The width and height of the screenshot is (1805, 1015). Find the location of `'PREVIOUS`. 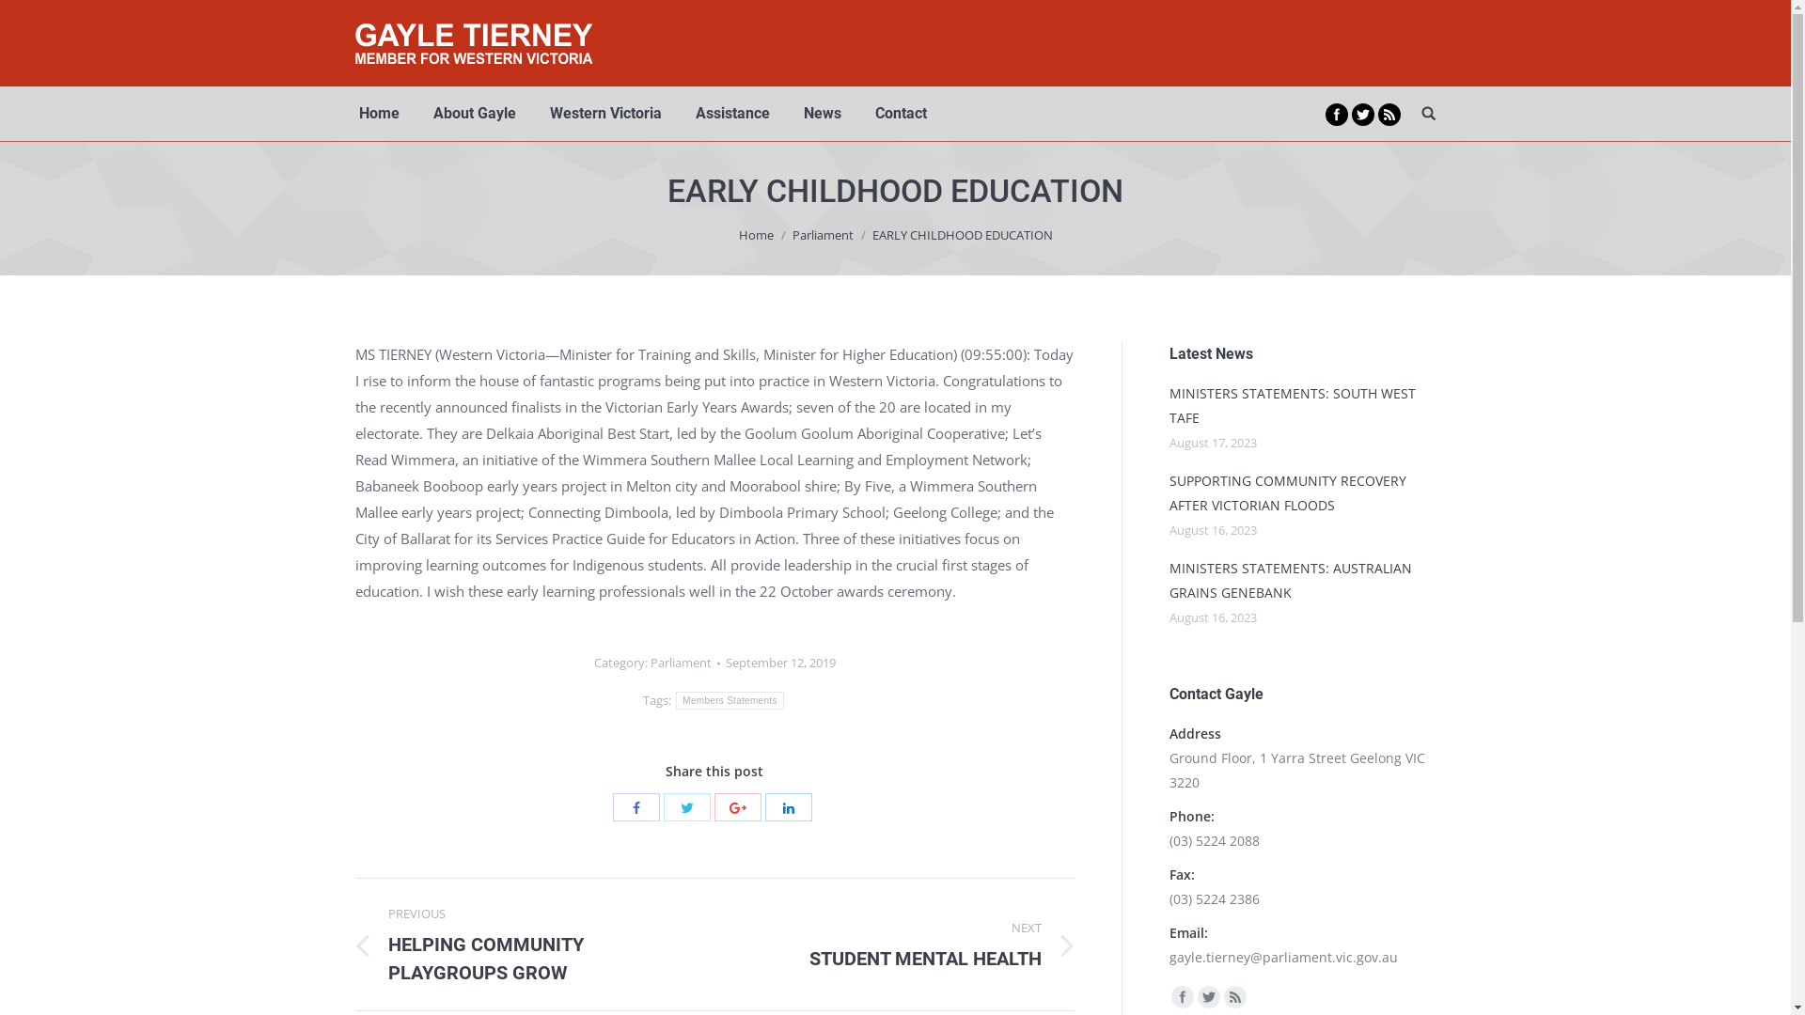

'PREVIOUS is located at coordinates (355, 945).